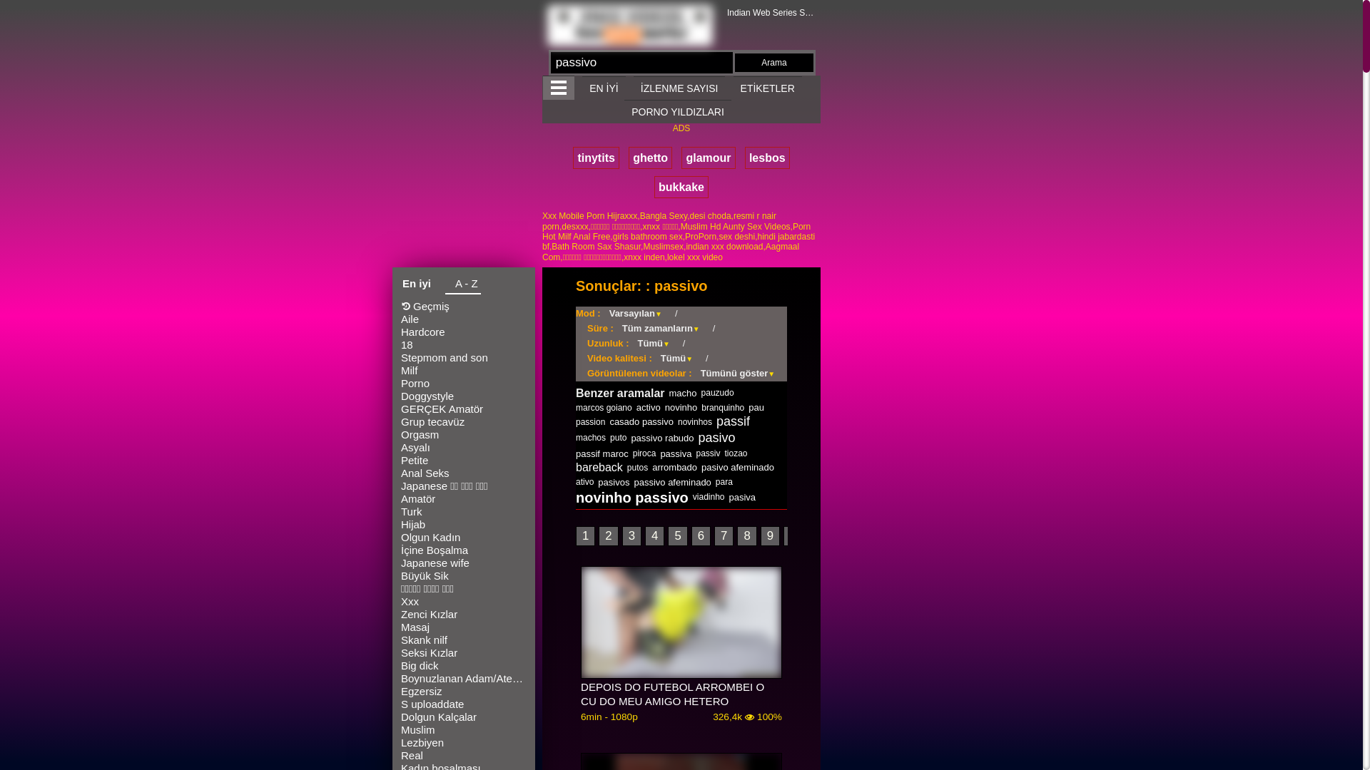 This screenshot has width=1370, height=770. Describe the element at coordinates (608, 536) in the screenshot. I see `'2'` at that location.